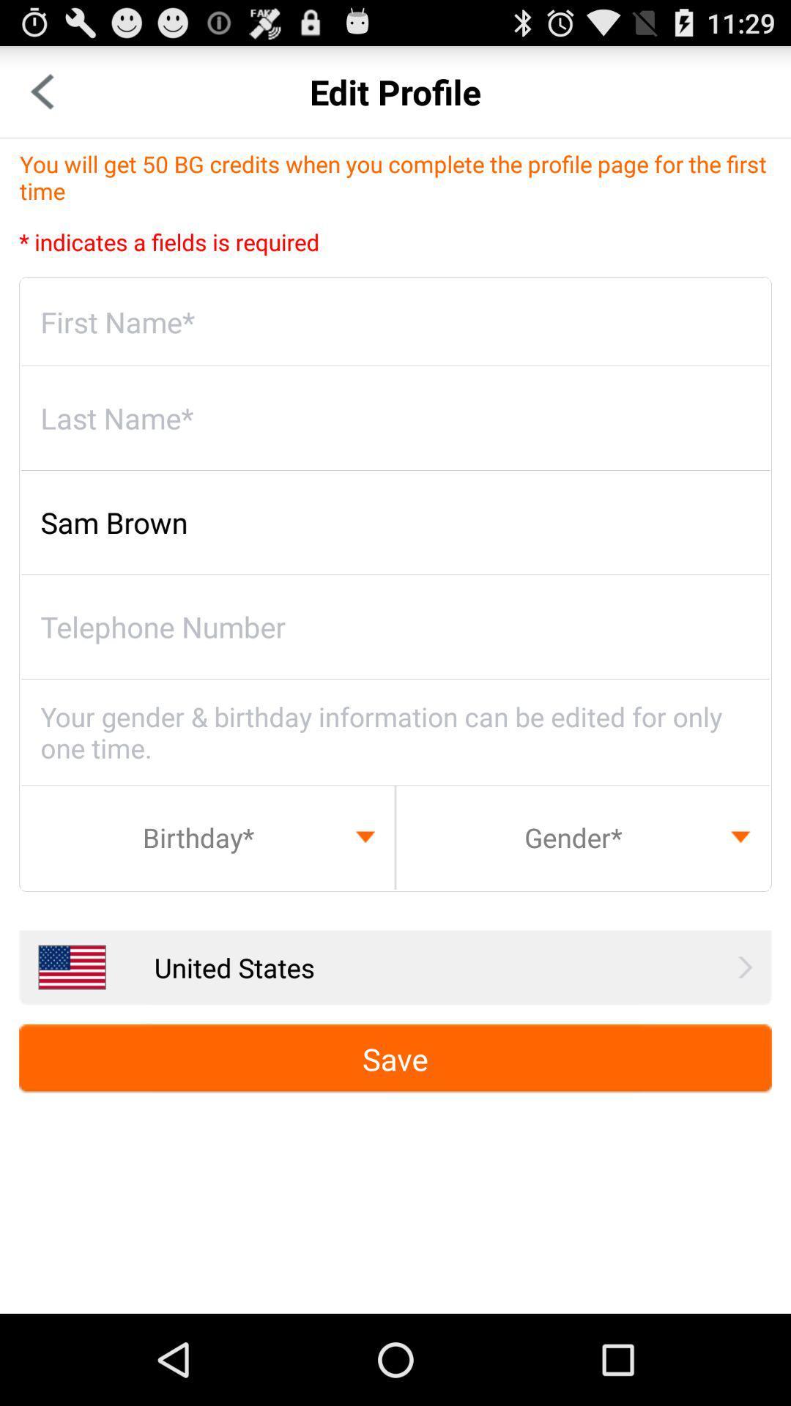 The height and width of the screenshot is (1406, 791). I want to click on your telephone number, so click(395, 627).